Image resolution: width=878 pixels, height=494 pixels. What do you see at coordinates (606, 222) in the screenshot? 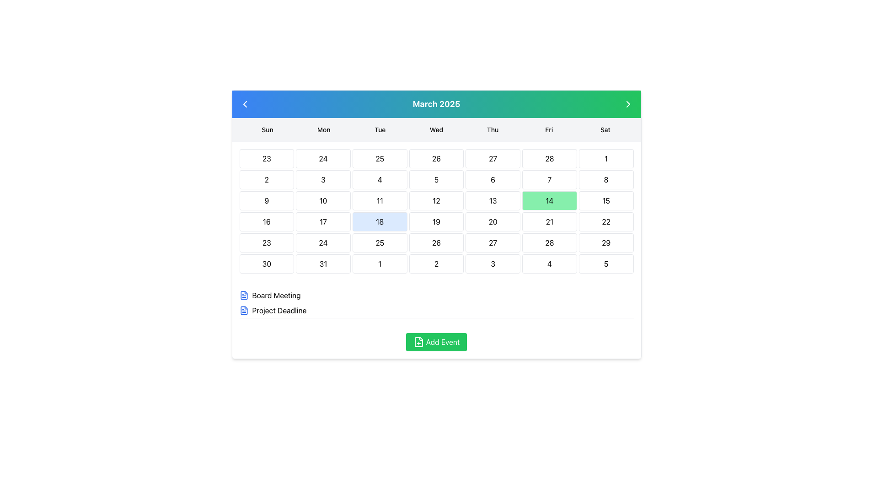
I see `the clickable calendar date button representing the date '22' in the calendar under the 'March 2025' heading` at bounding box center [606, 222].